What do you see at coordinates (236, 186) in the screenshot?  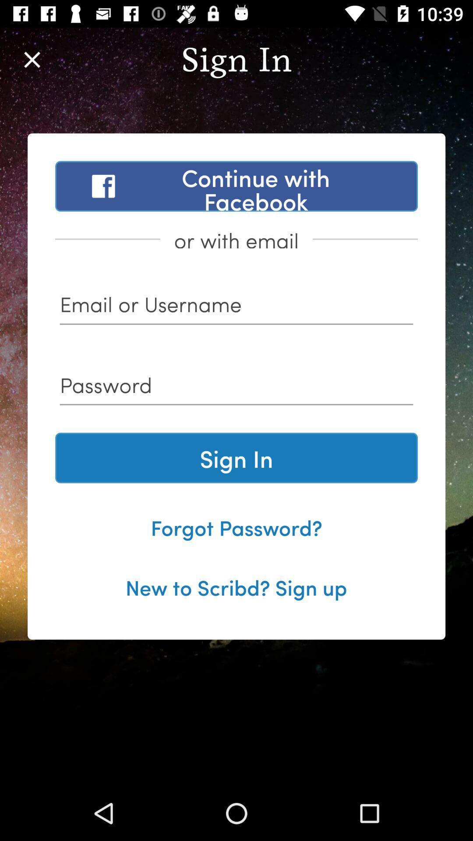 I see `the continue with facebook item` at bounding box center [236, 186].